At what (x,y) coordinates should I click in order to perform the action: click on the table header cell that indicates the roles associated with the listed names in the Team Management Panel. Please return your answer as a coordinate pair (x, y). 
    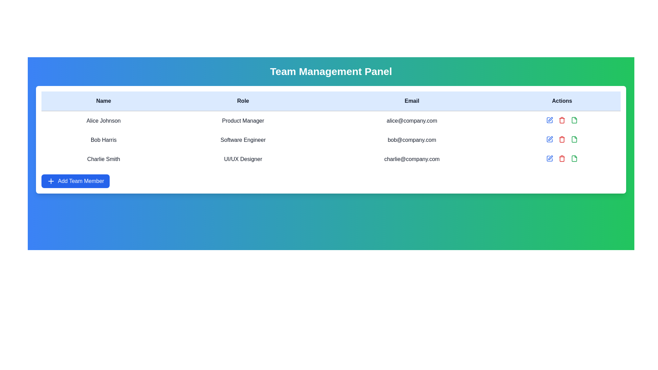
    Looking at the image, I should click on (243, 101).